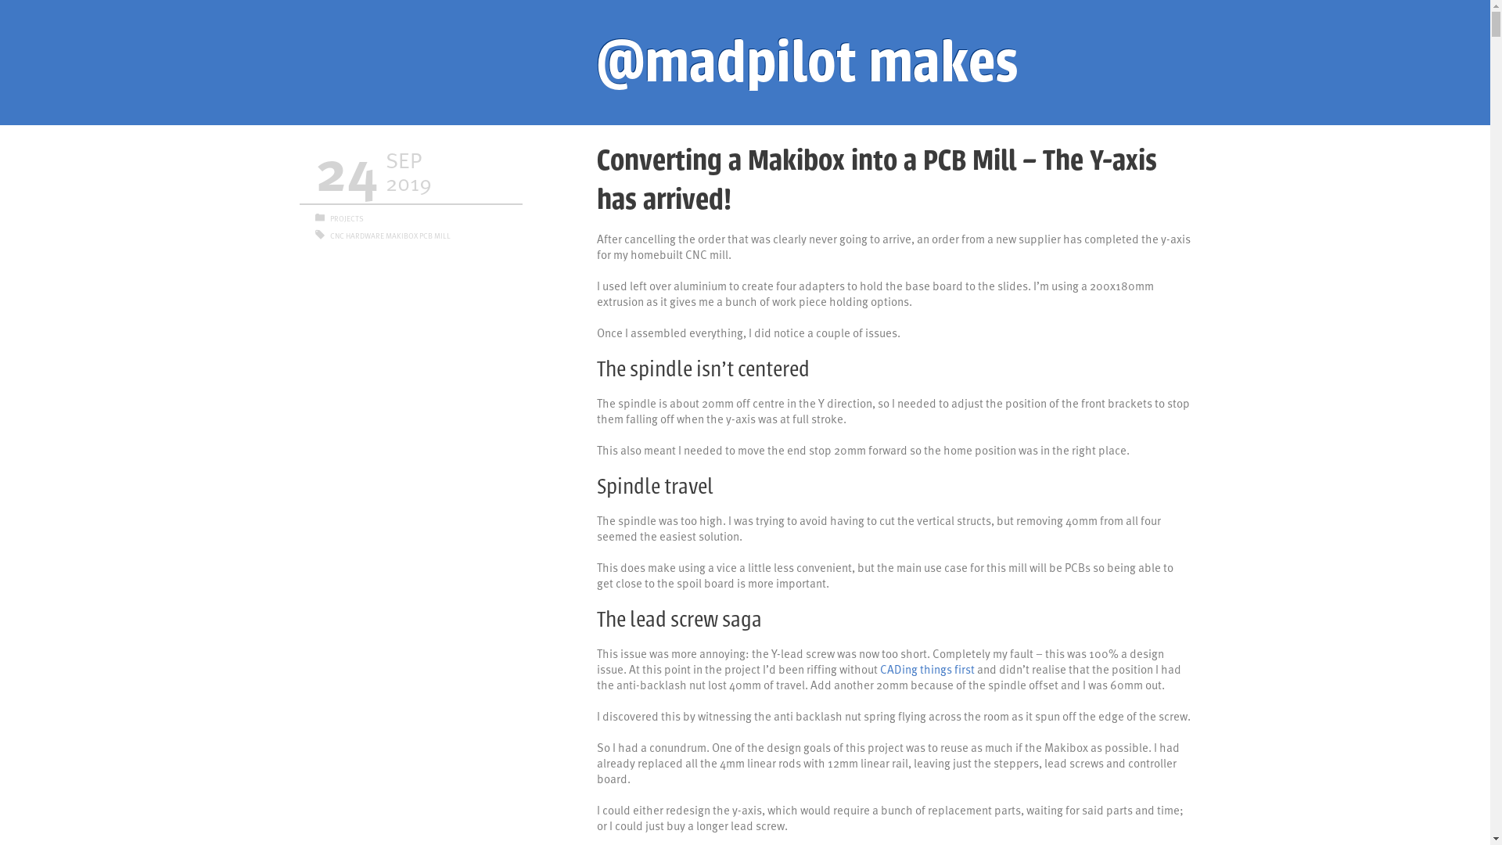 The width and height of the screenshot is (1502, 845). I want to click on 'PROJECTS', so click(329, 218).